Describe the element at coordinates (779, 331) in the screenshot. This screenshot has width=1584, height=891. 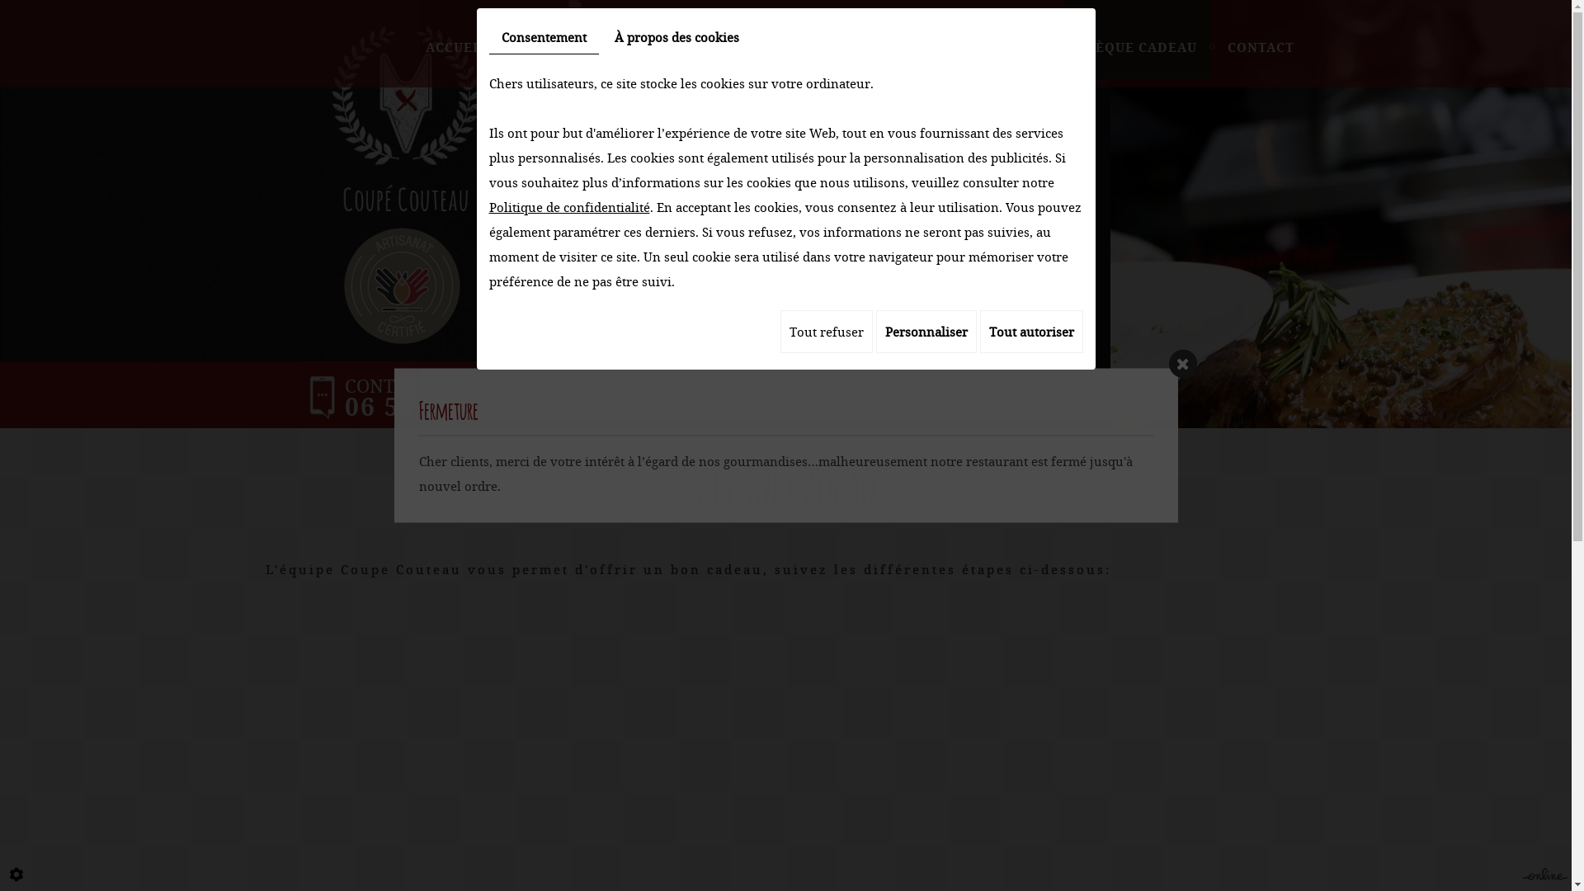
I see `'Tout refuser'` at that location.